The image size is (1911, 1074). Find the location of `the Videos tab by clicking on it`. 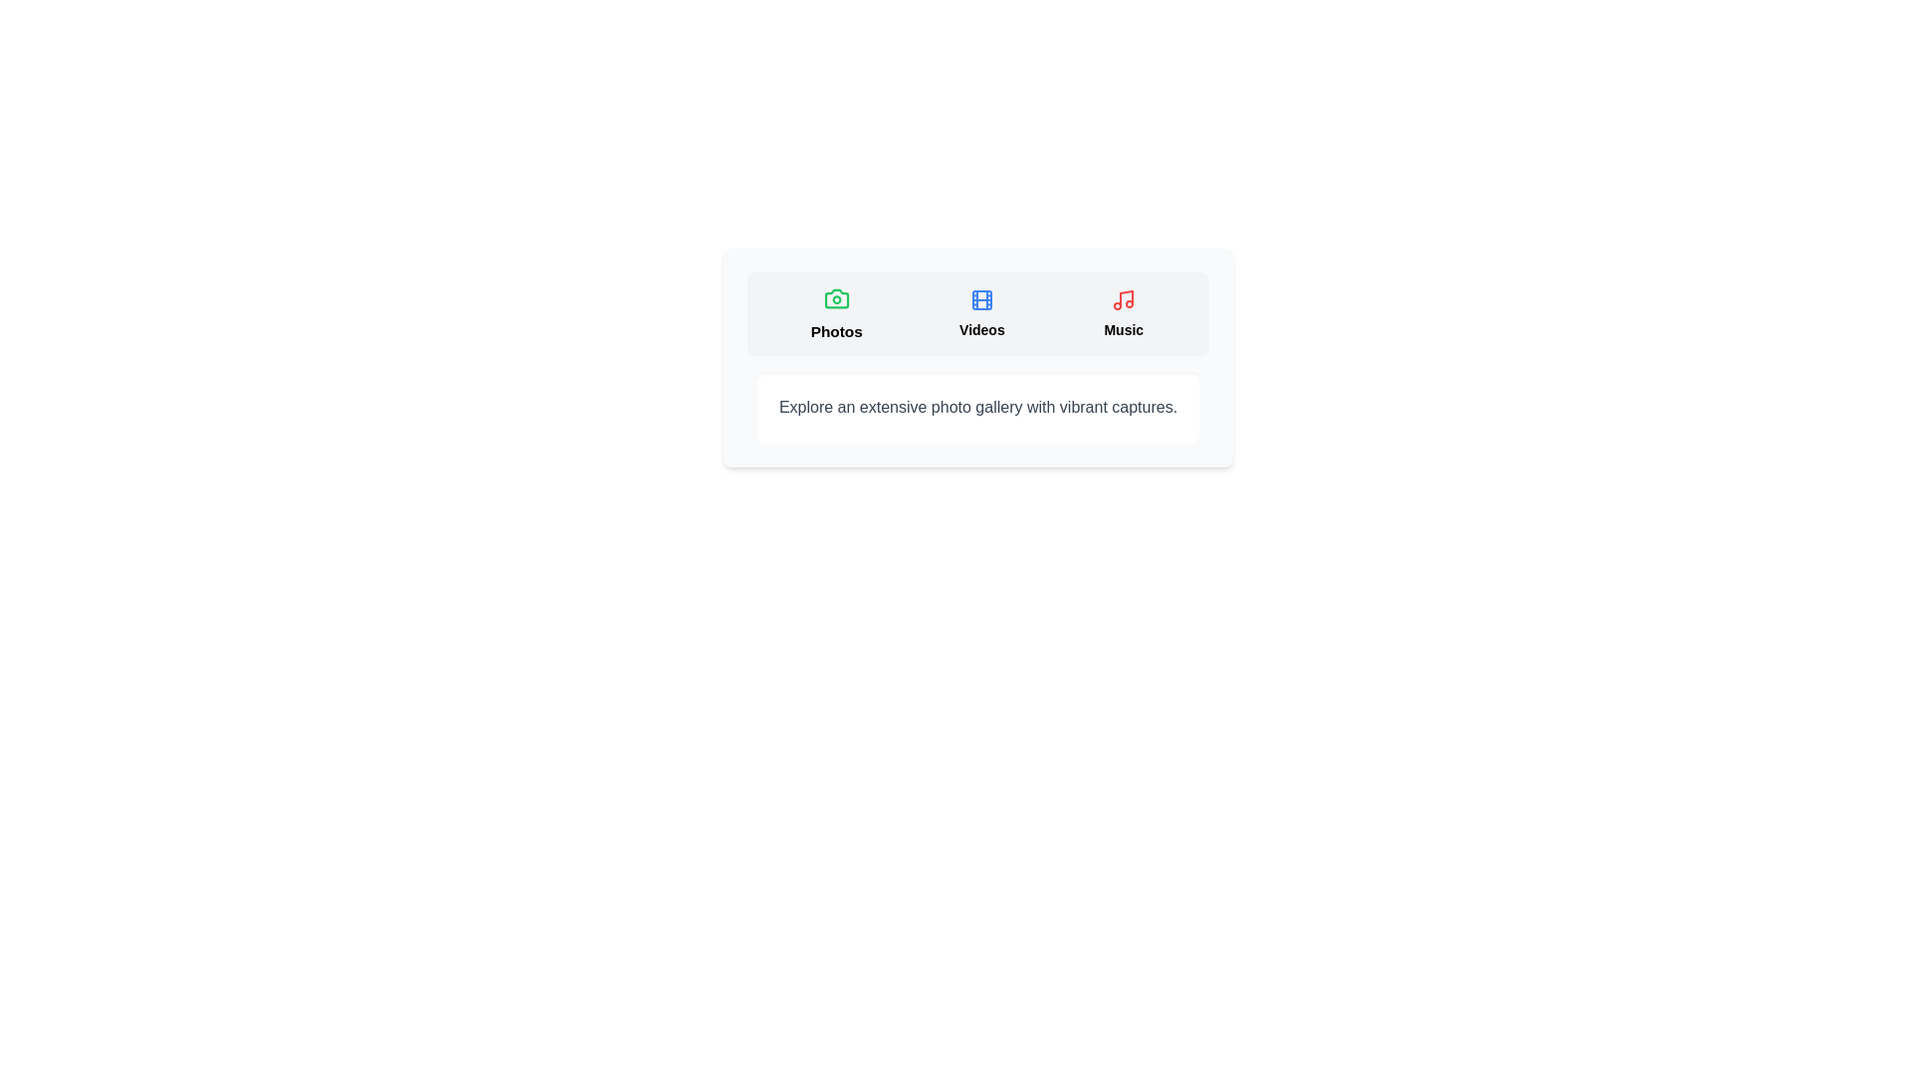

the Videos tab by clicking on it is located at coordinates (981, 313).